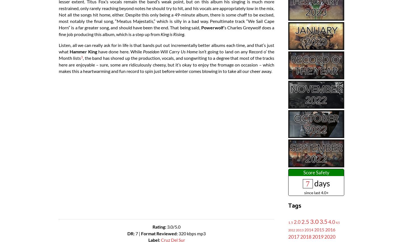  Describe the element at coordinates (160, 226) in the screenshot. I see `'Rating:'` at that location.